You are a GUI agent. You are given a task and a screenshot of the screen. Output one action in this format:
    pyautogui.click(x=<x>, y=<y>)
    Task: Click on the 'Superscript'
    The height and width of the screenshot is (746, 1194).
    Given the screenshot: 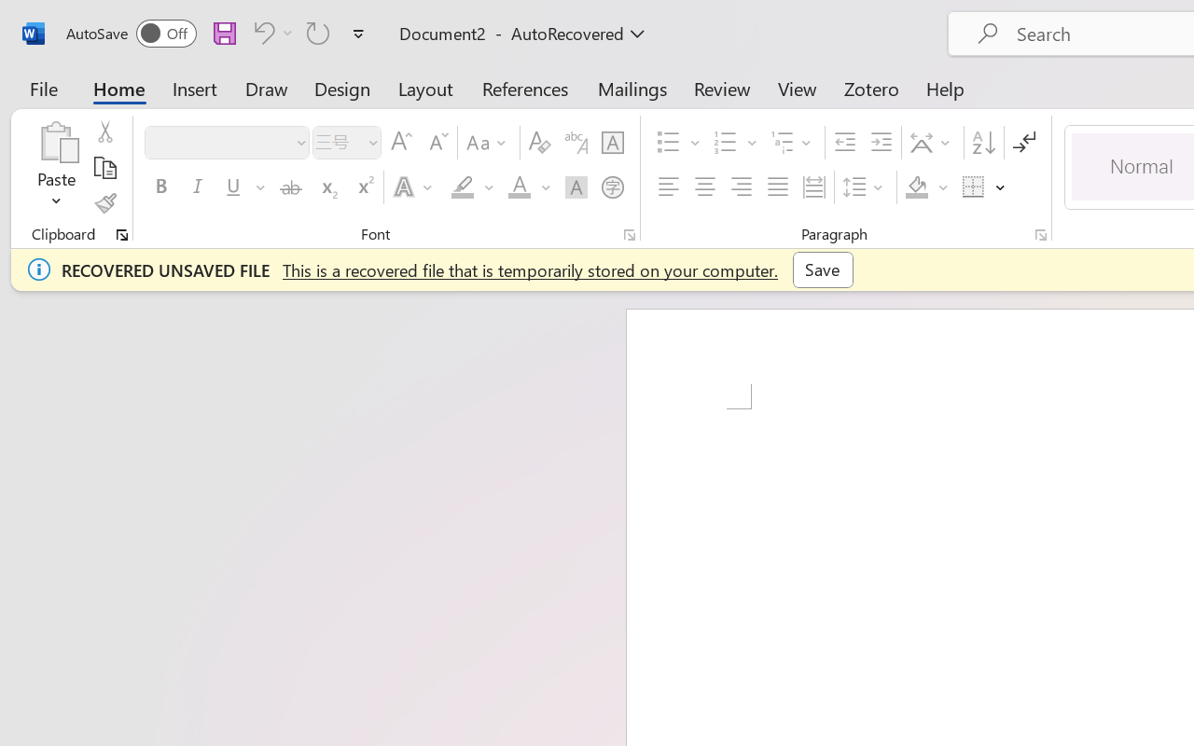 What is the action you would take?
    pyautogui.click(x=364, y=187)
    